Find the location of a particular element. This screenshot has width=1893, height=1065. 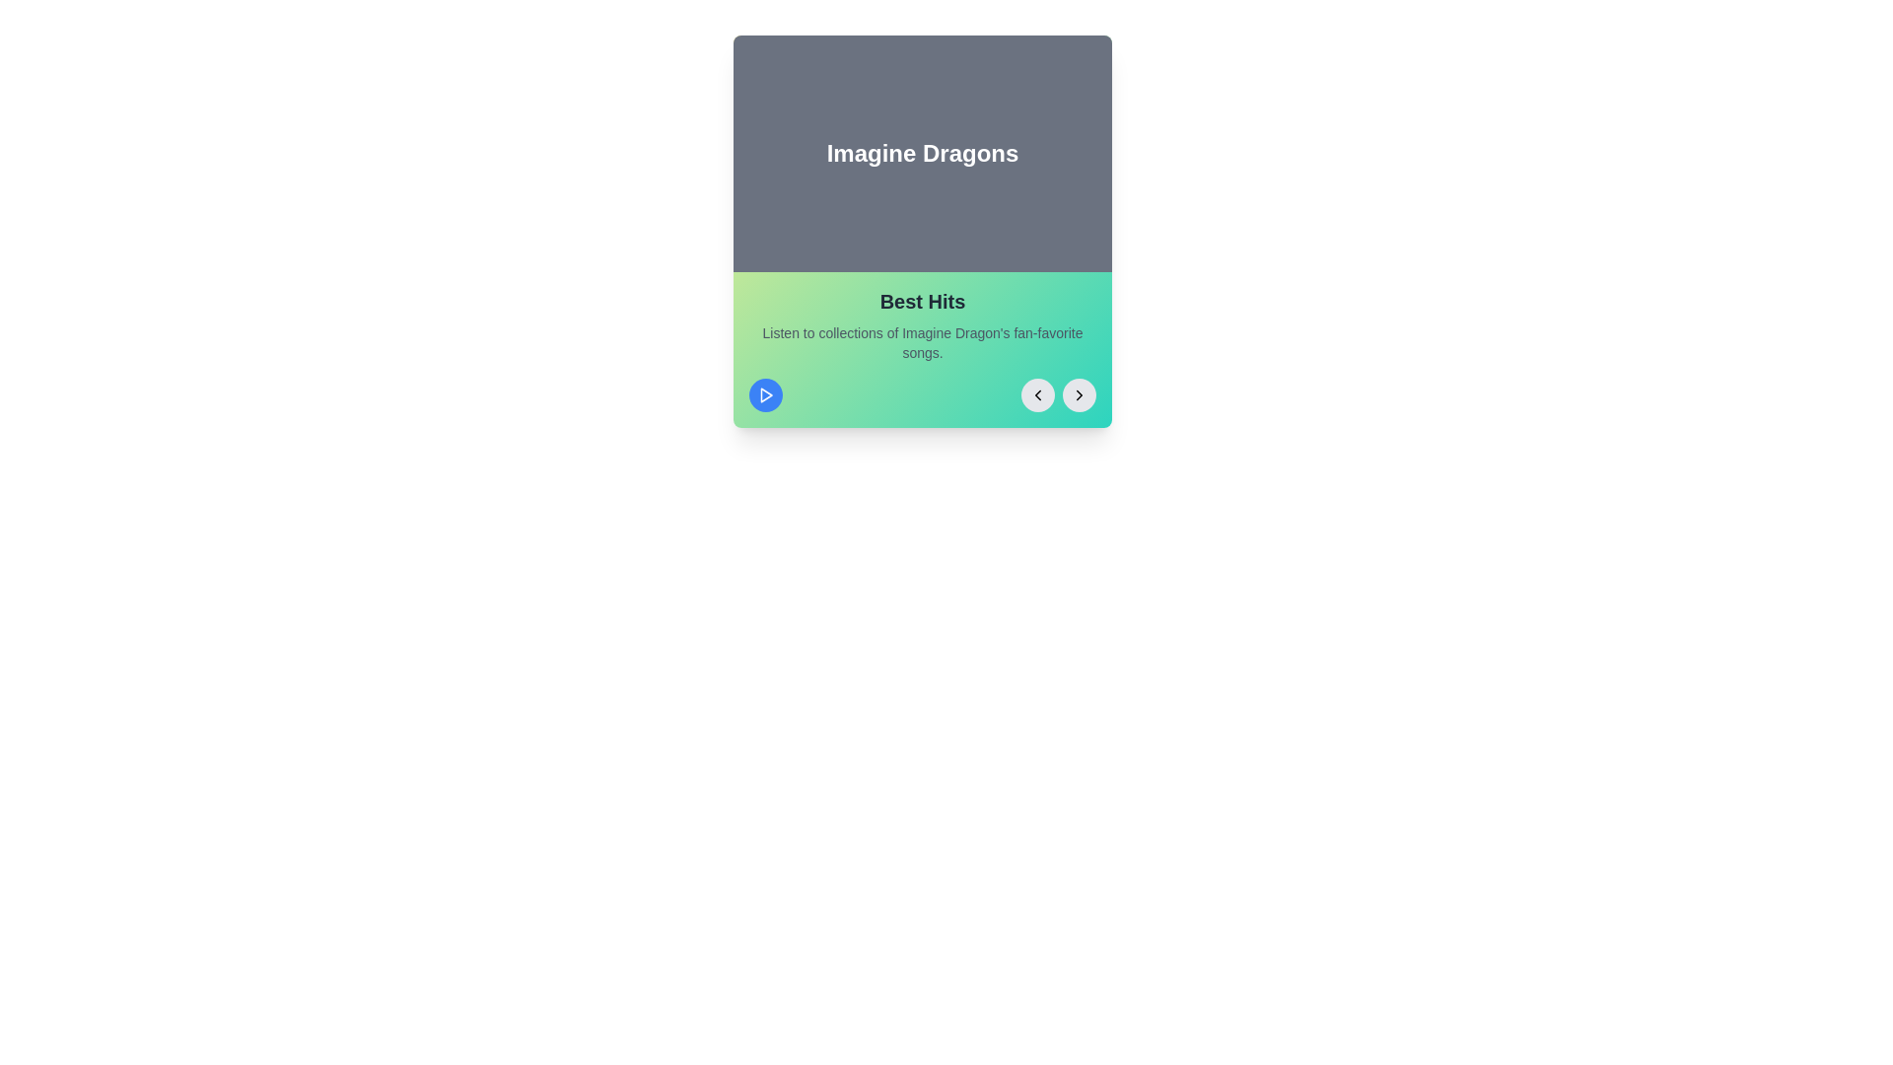

the right-pointing chevron arrow icon inside the circular button located at the bottom-right corner of the 'Imagine Dragons' card is located at coordinates (1078, 395).